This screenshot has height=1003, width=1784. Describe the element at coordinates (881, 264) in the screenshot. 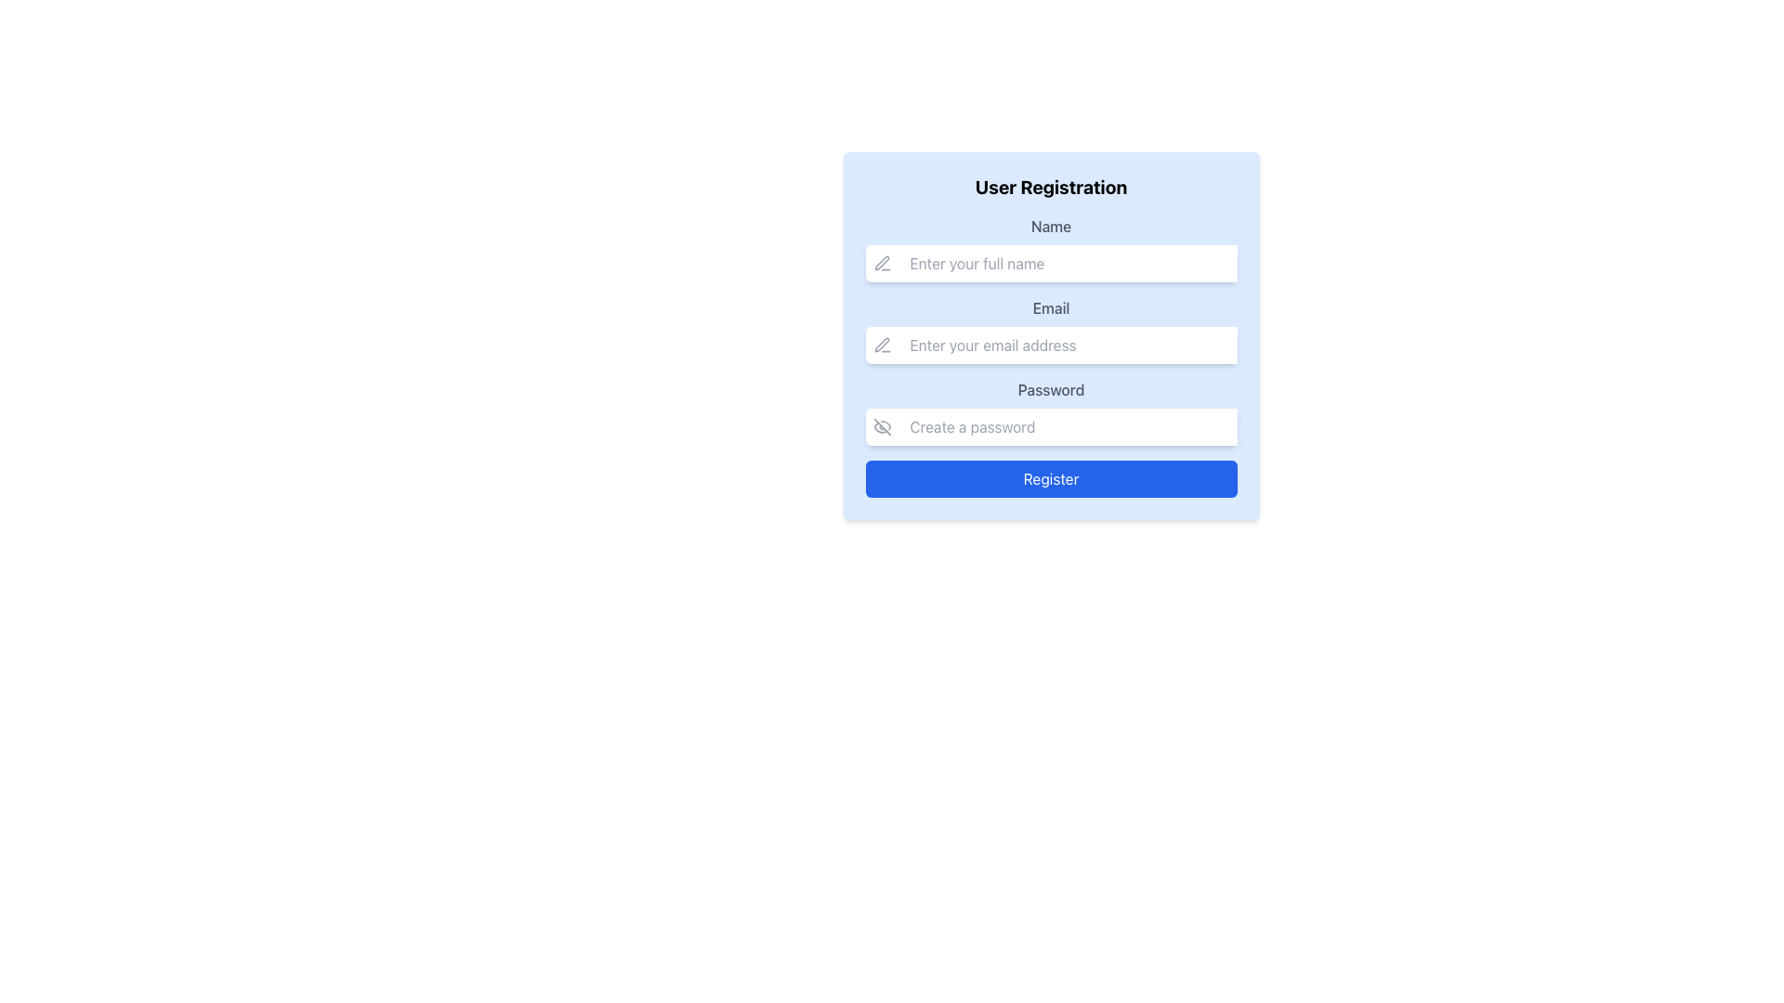

I see `the minimalist pen icon located to the left of the 'Name' input field within the user registration card interface` at that location.